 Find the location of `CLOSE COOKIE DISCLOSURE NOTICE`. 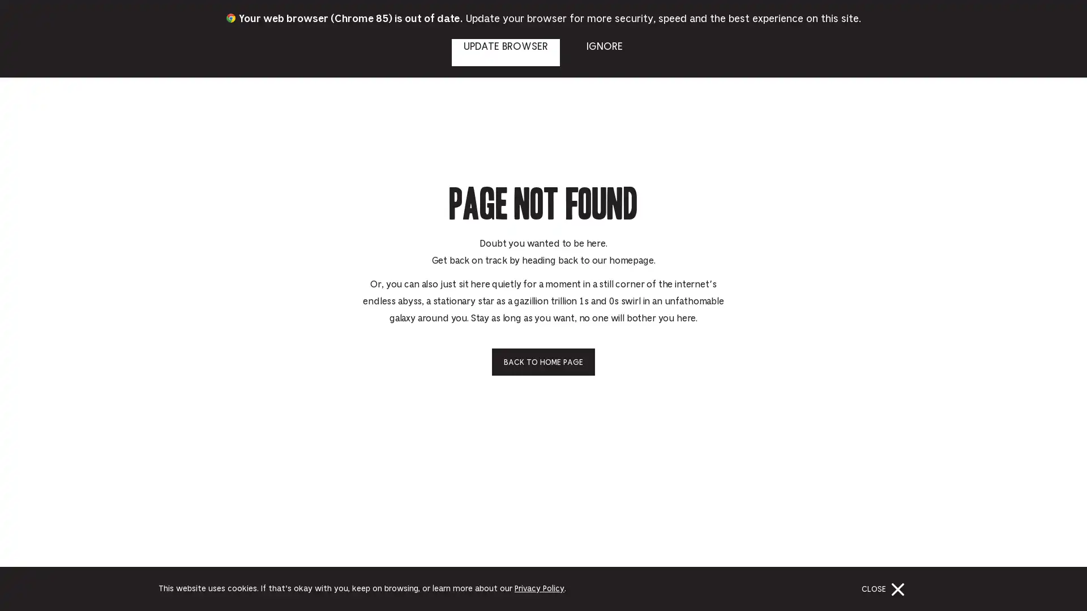

CLOSE COOKIE DISCLOSURE NOTICE is located at coordinates (885, 588).